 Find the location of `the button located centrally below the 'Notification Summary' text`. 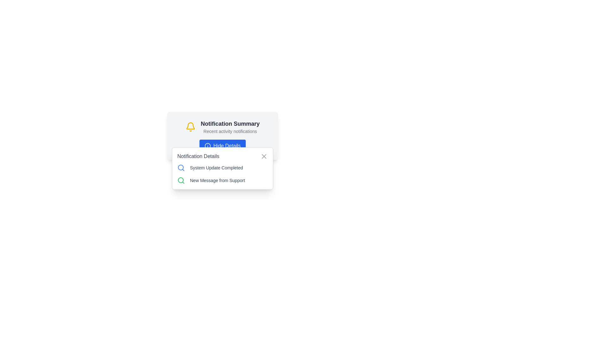

the button located centrally below the 'Notification Summary' text is located at coordinates (222, 146).